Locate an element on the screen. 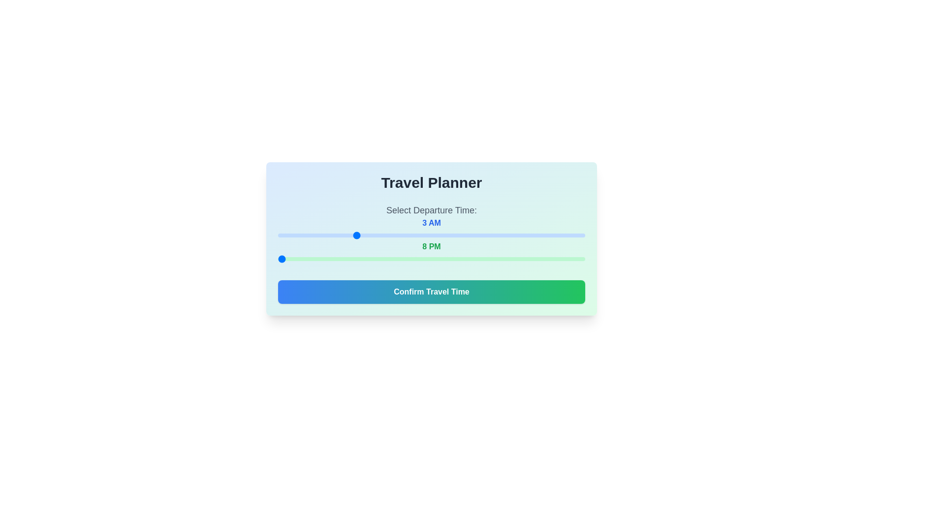 The width and height of the screenshot is (945, 531). the static text label displaying '8 PM' in bold green color, located to the right of the horizontal green slider in the 'Select Departure Time' section is located at coordinates (432, 246).